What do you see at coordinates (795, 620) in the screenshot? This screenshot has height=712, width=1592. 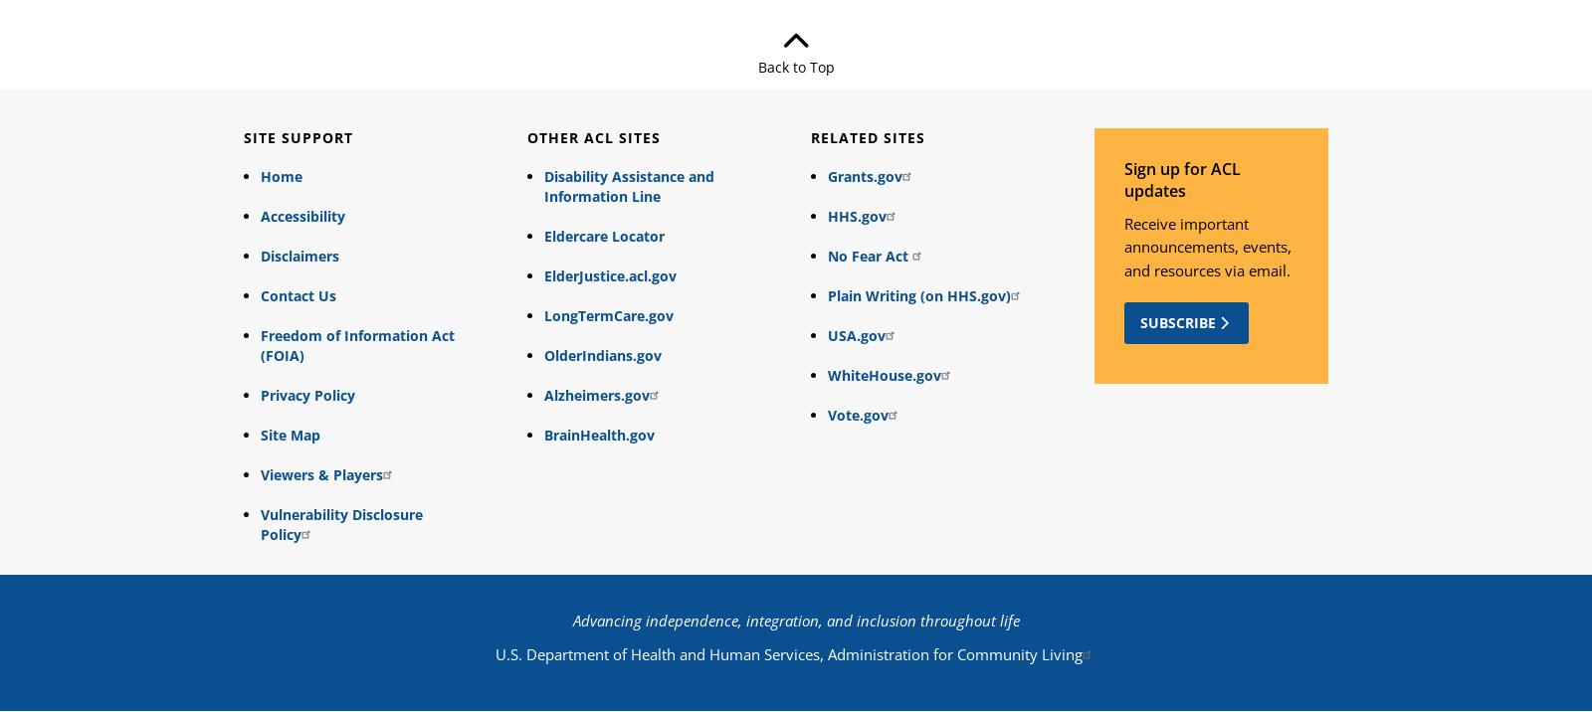 I see `'Advancing independence, integration, and inclusion throughout life'` at bounding box center [795, 620].